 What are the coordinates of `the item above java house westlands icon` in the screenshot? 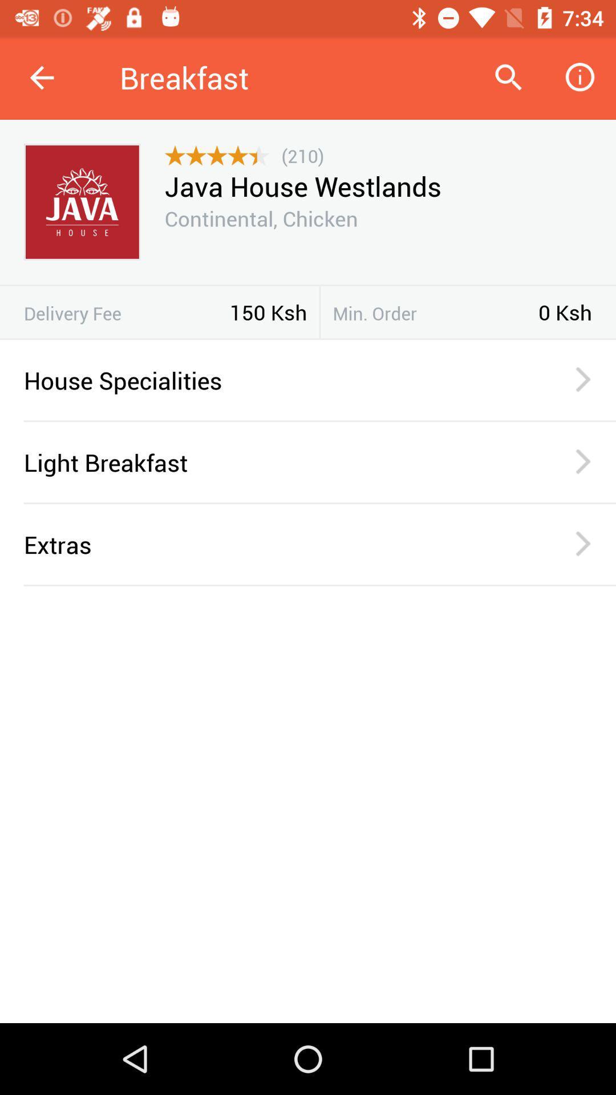 It's located at (302, 155).